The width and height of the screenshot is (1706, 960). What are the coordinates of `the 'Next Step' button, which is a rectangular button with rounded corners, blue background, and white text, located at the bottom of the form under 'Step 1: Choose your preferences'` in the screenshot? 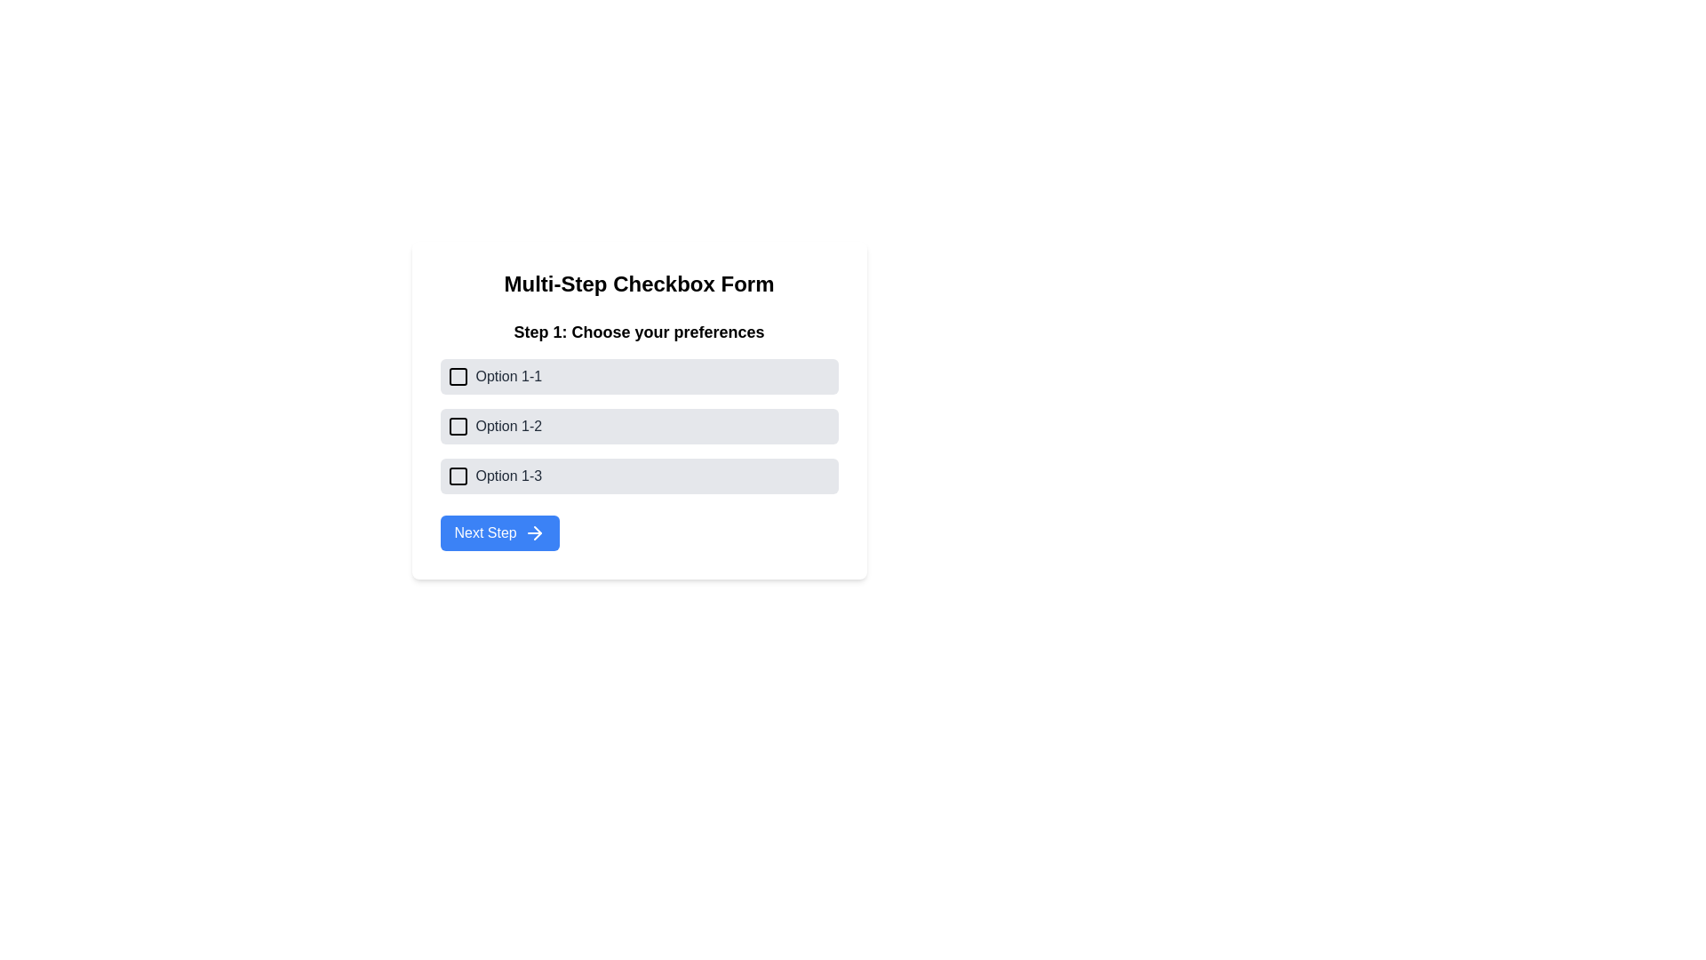 It's located at (498, 532).